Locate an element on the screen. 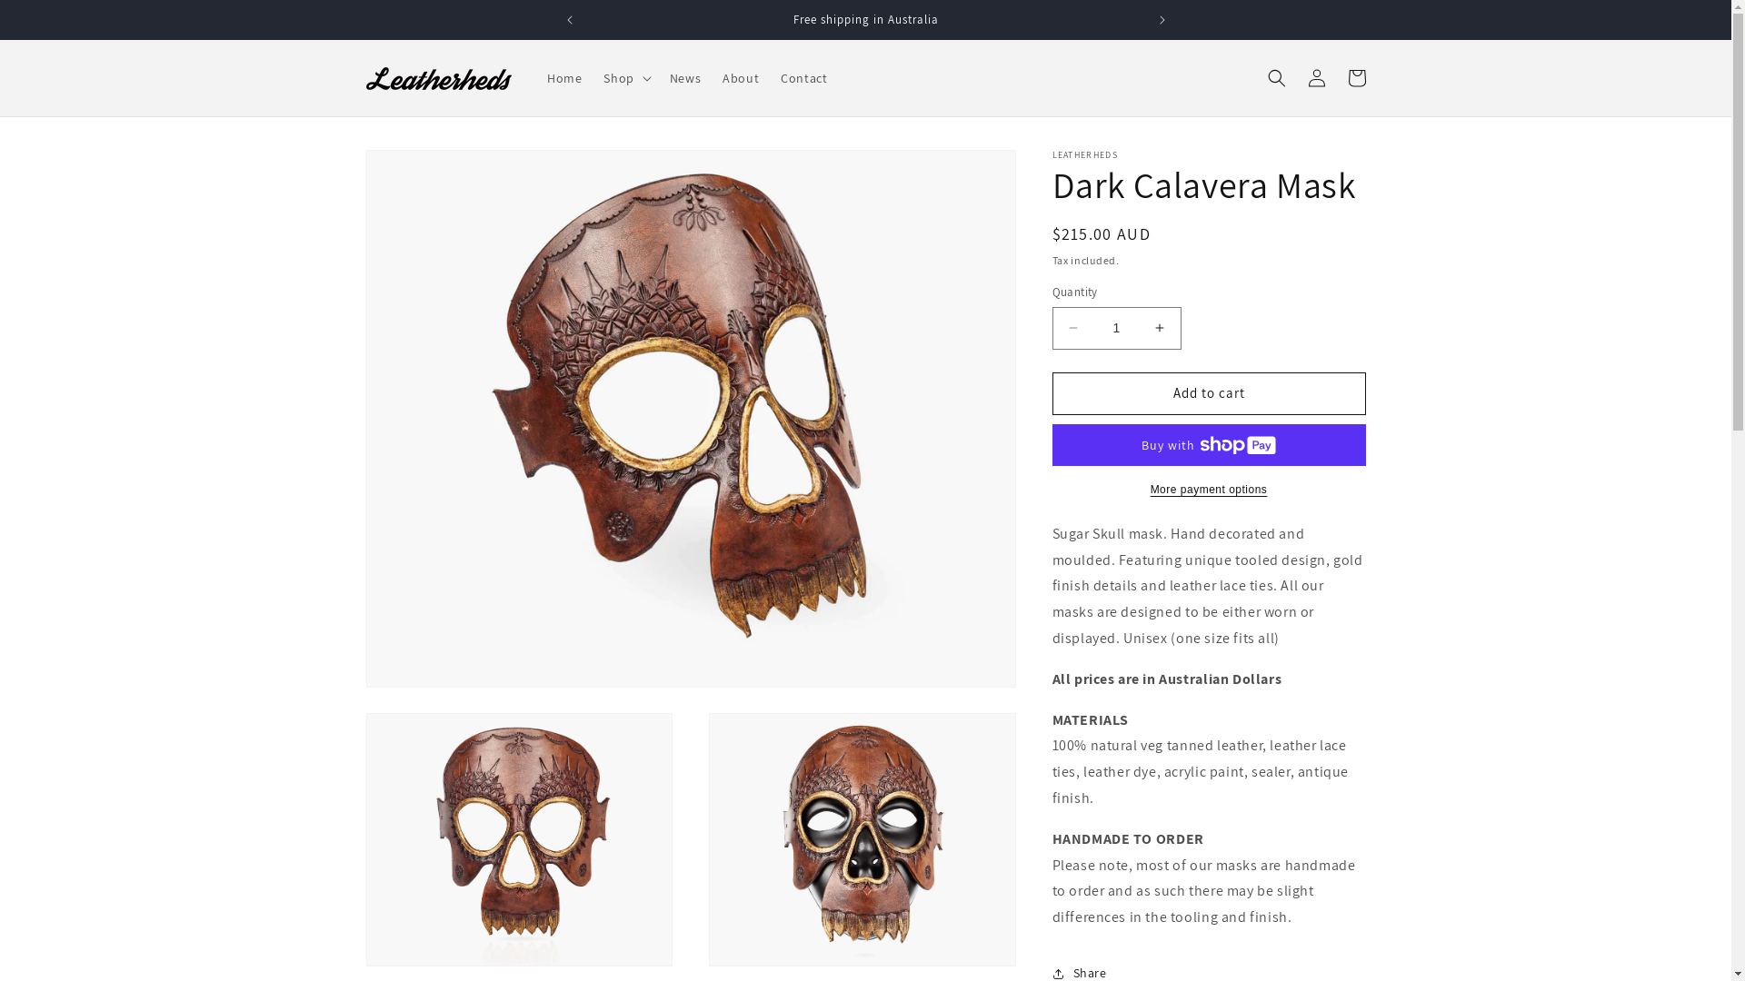 This screenshot has width=1745, height=981. 'Home' is located at coordinates (563, 76).